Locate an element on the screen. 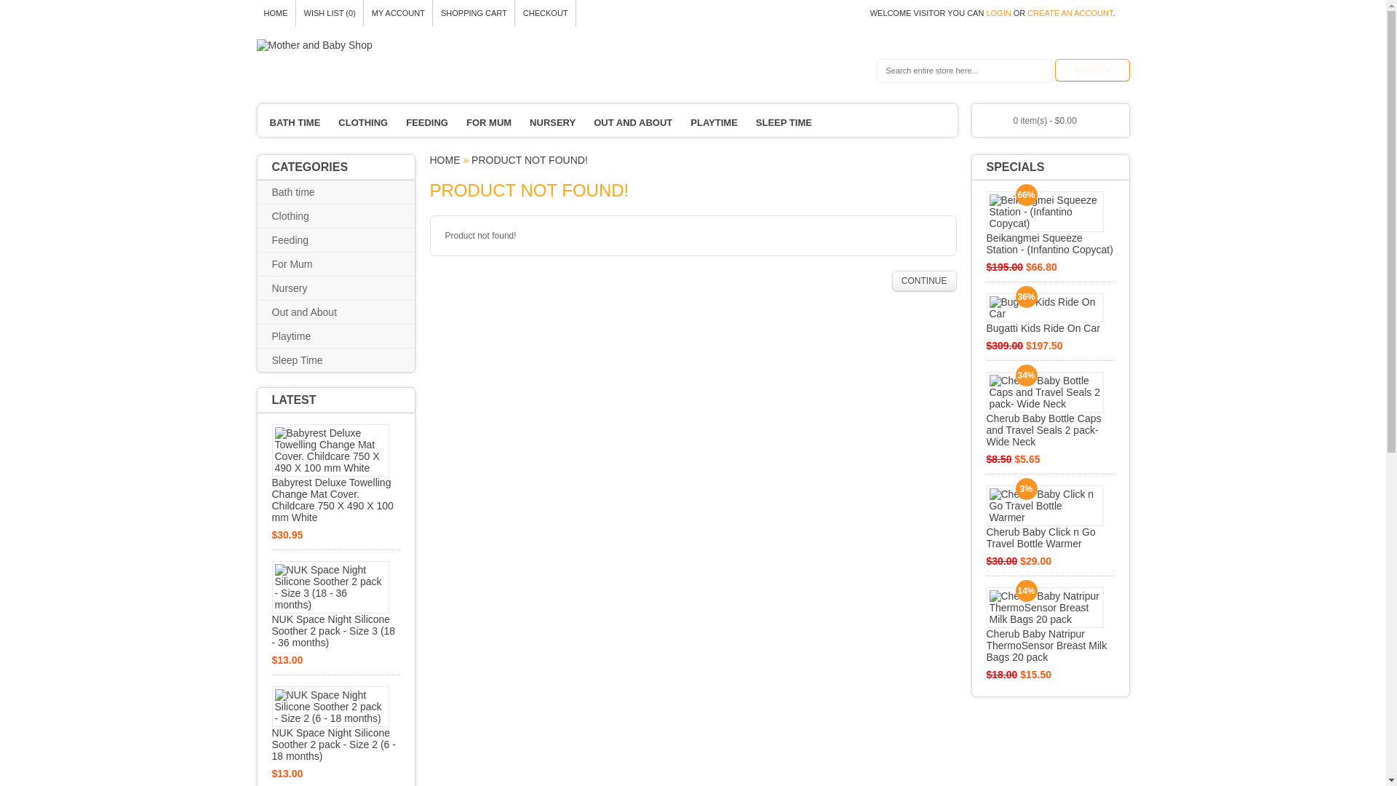  'CREATE AN ACCOUNT' is located at coordinates (1070, 13).